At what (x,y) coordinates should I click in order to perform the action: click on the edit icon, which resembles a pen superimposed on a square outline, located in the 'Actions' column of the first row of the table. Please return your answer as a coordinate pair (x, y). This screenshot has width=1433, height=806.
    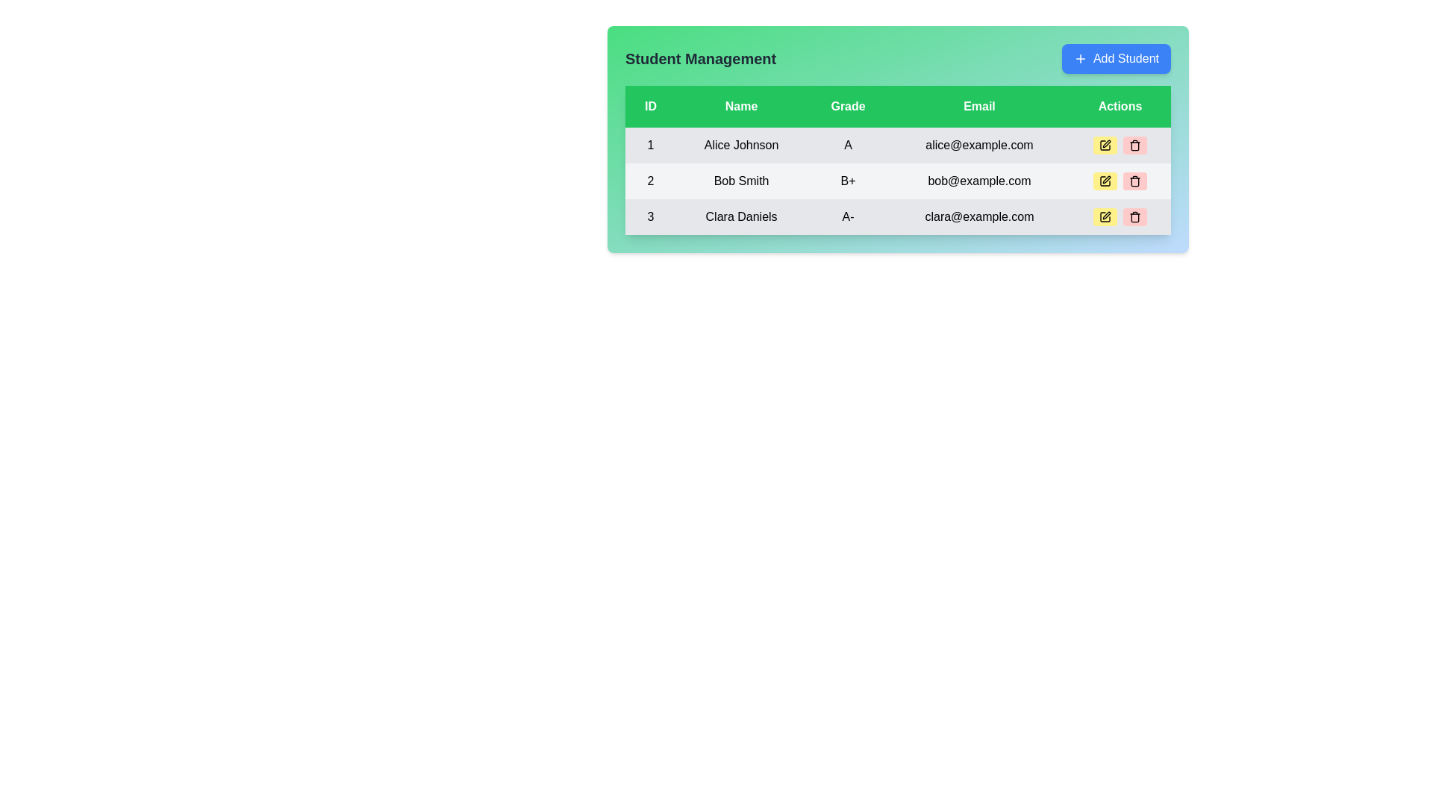
    Looking at the image, I should click on (1104, 146).